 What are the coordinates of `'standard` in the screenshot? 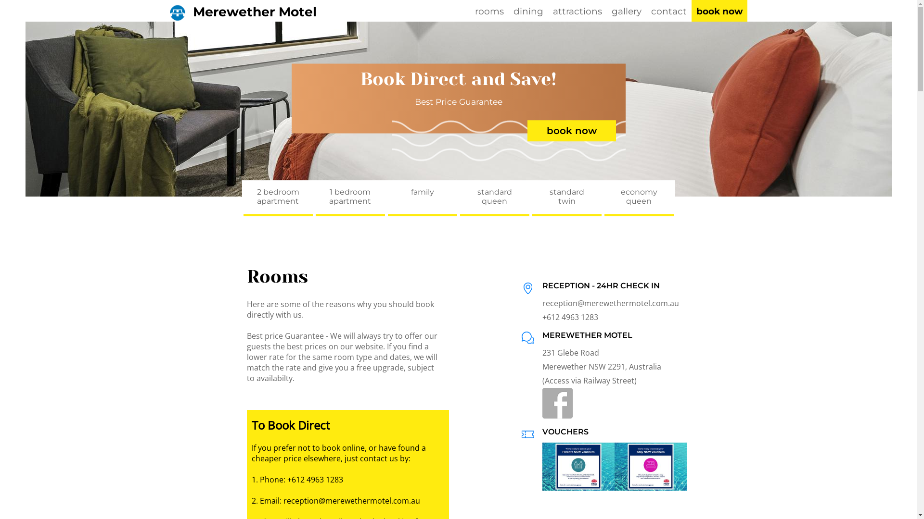 It's located at (494, 199).